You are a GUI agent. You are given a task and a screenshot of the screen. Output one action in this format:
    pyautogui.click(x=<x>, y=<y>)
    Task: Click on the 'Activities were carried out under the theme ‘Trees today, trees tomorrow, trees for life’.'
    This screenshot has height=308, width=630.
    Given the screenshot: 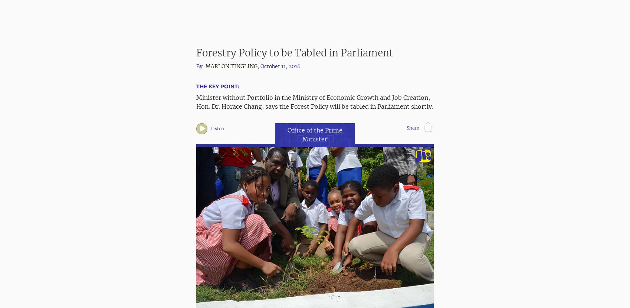 What is the action you would take?
    pyautogui.click(x=196, y=227)
    